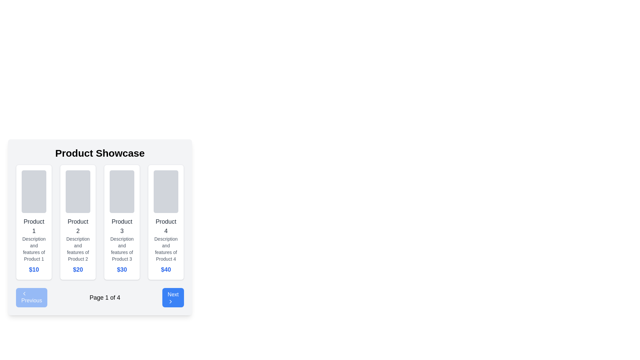 The height and width of the screenshot is (360, 640). I want to click on the Image placeholder, which is a rectangular area with a light gray background and rounded corners located at the top section of a card in a product showcase interface, so click(33, 191).